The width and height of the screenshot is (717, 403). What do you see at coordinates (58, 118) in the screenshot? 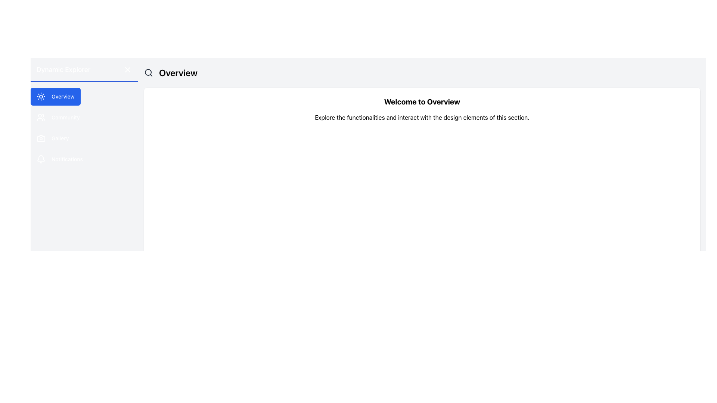
I see `the navigation button labeled 'Community' located below the 'Overview' option in the sidebar` at bounding box center [58, 118].